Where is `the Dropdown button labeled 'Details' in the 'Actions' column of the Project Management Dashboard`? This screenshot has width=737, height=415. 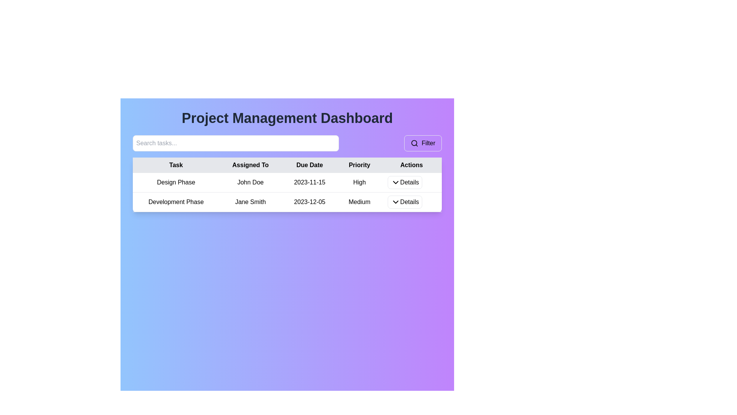
the Dropdown button labeled 'Details' in the 'Actions' column of the Project Management Dashboard is located at coordinates (411, 183).